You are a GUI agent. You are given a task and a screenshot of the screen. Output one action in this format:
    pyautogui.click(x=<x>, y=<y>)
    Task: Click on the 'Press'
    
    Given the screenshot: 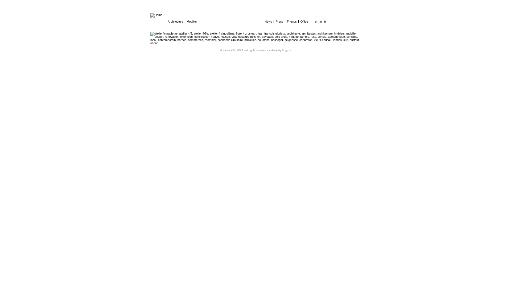 What is the action you would take?
    pyautogui.click(x=279, y=21)
    